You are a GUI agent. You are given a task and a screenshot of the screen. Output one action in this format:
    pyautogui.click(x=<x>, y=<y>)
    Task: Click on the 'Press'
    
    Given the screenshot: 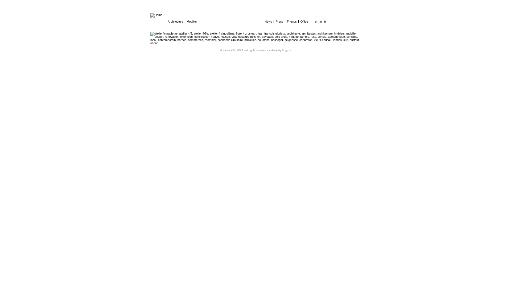 What is the action you would take?
    pyautogui.click(x=279, y=21)
    